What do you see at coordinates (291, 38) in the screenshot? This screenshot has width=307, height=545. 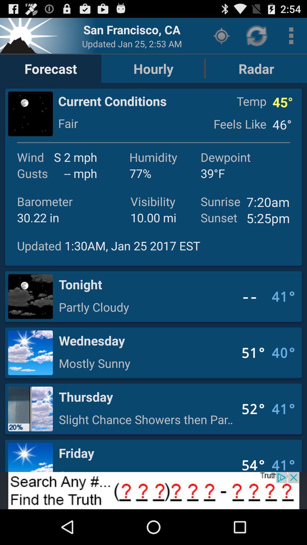 I see `the more icon` at bounding box center [291, 38].